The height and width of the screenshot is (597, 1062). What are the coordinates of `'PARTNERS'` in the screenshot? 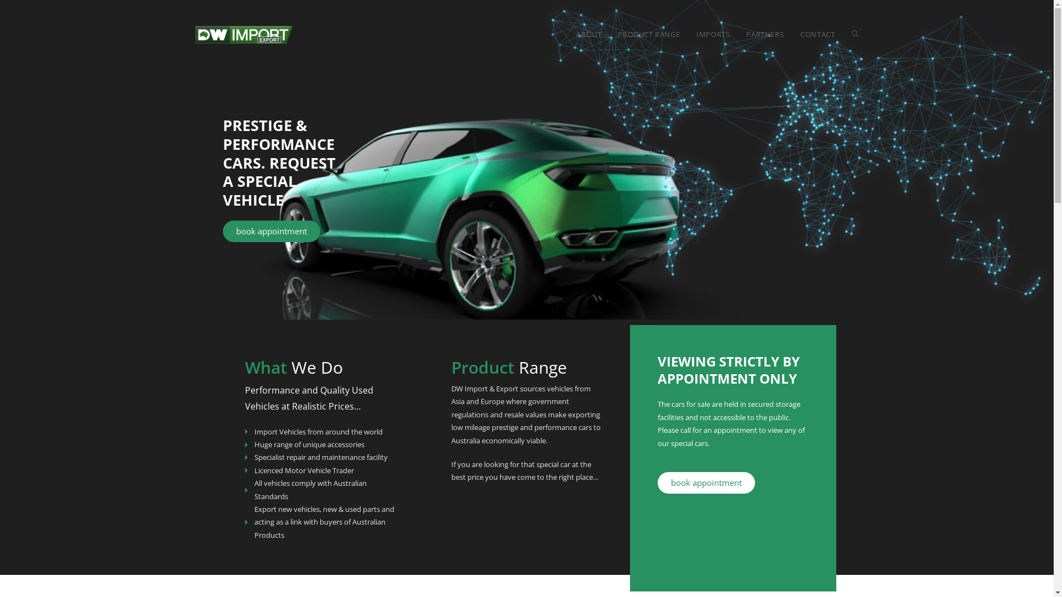 It's located at (764, 34).